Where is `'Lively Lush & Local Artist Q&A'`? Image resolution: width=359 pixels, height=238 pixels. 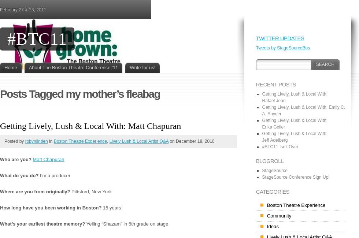 'Lively Lush & Local Artist Q&A' is located at coordinates (138, 141).